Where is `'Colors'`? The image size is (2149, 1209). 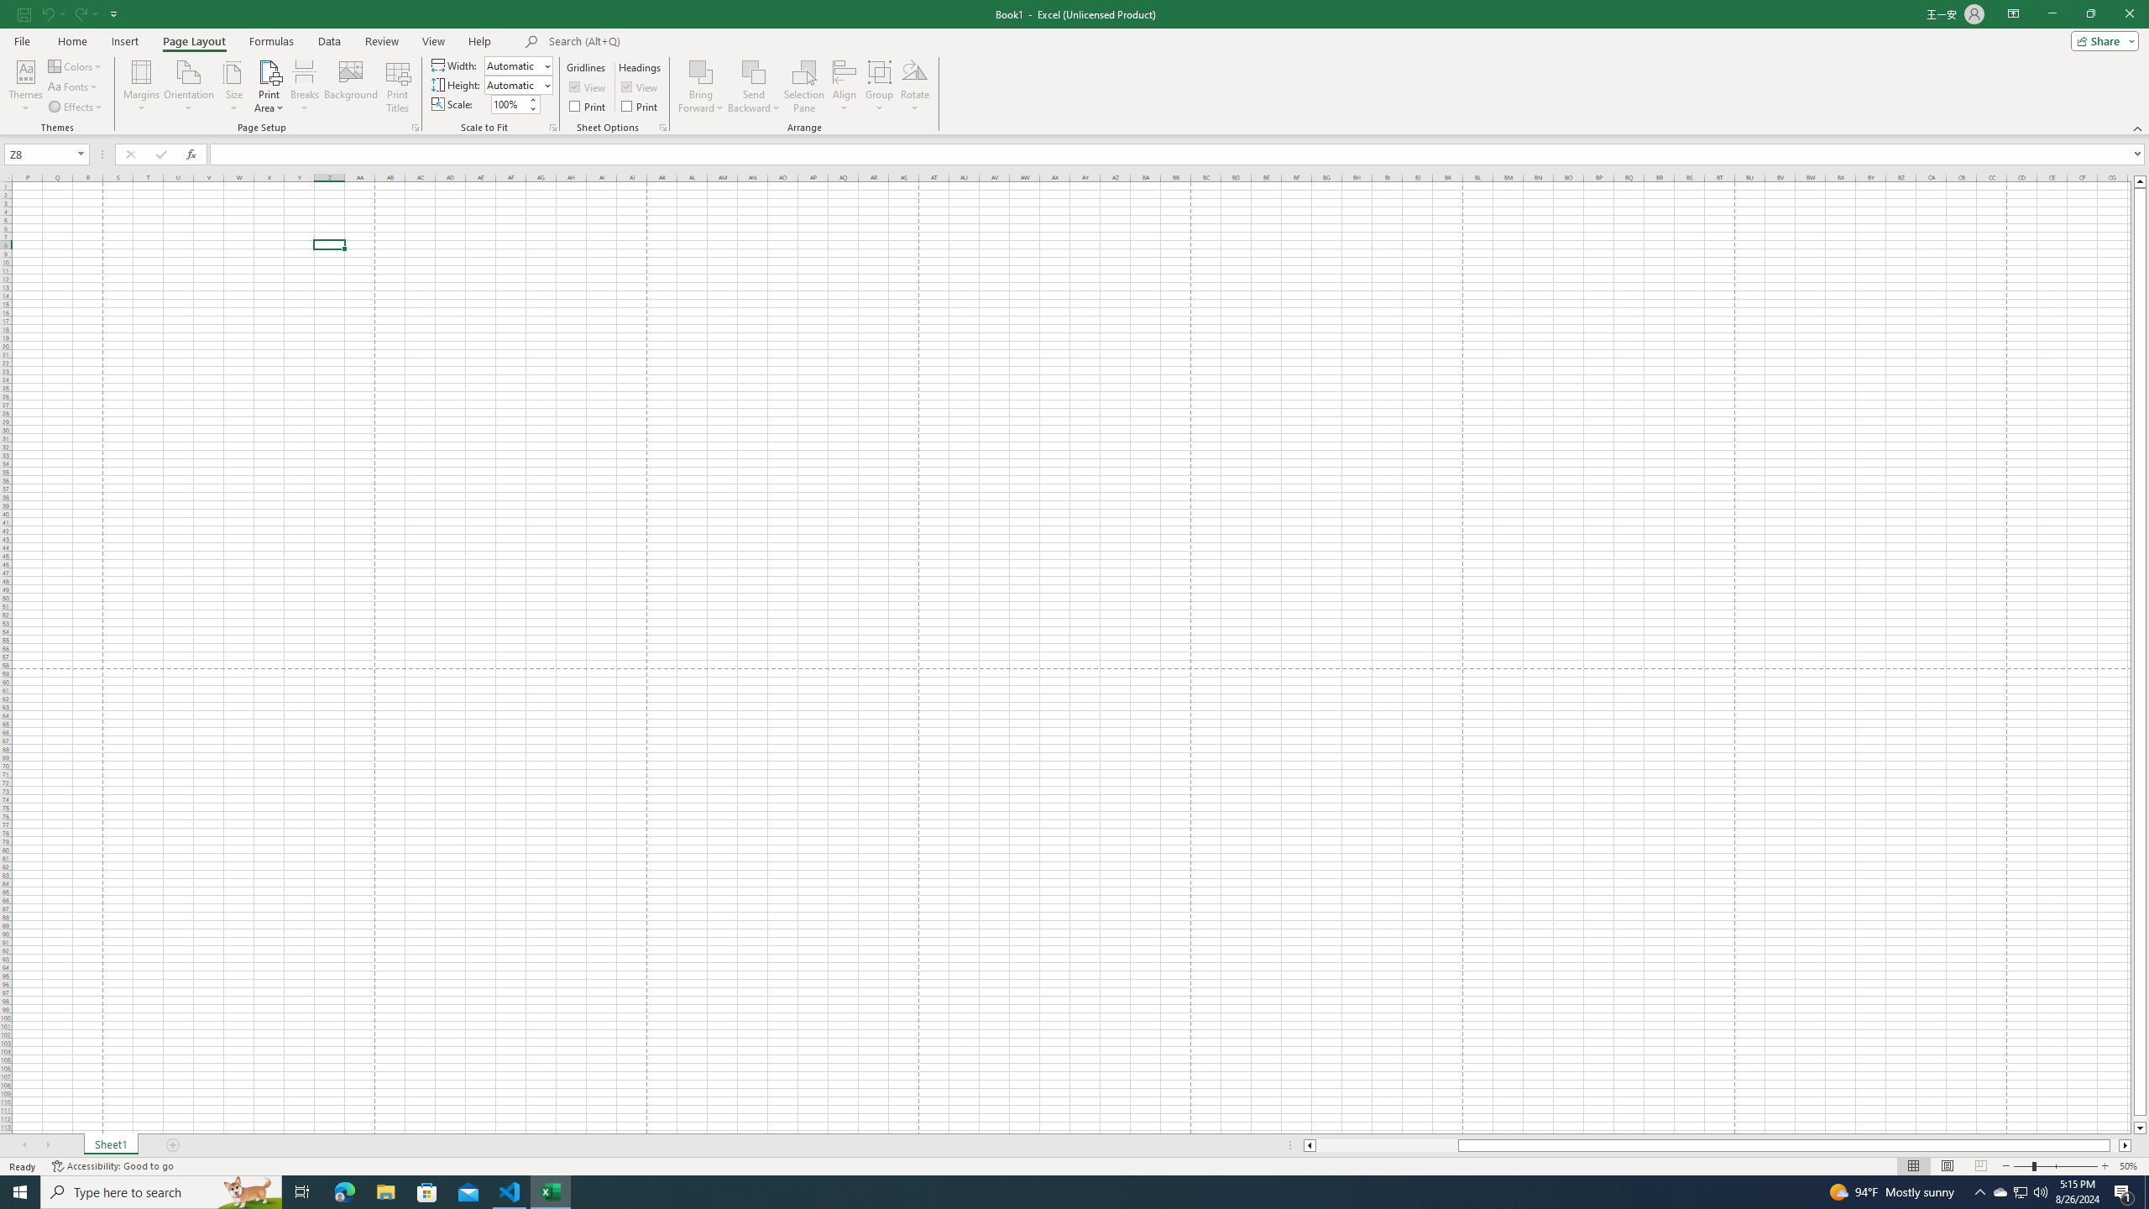
'Colors' is located at coordinates (75, 65).